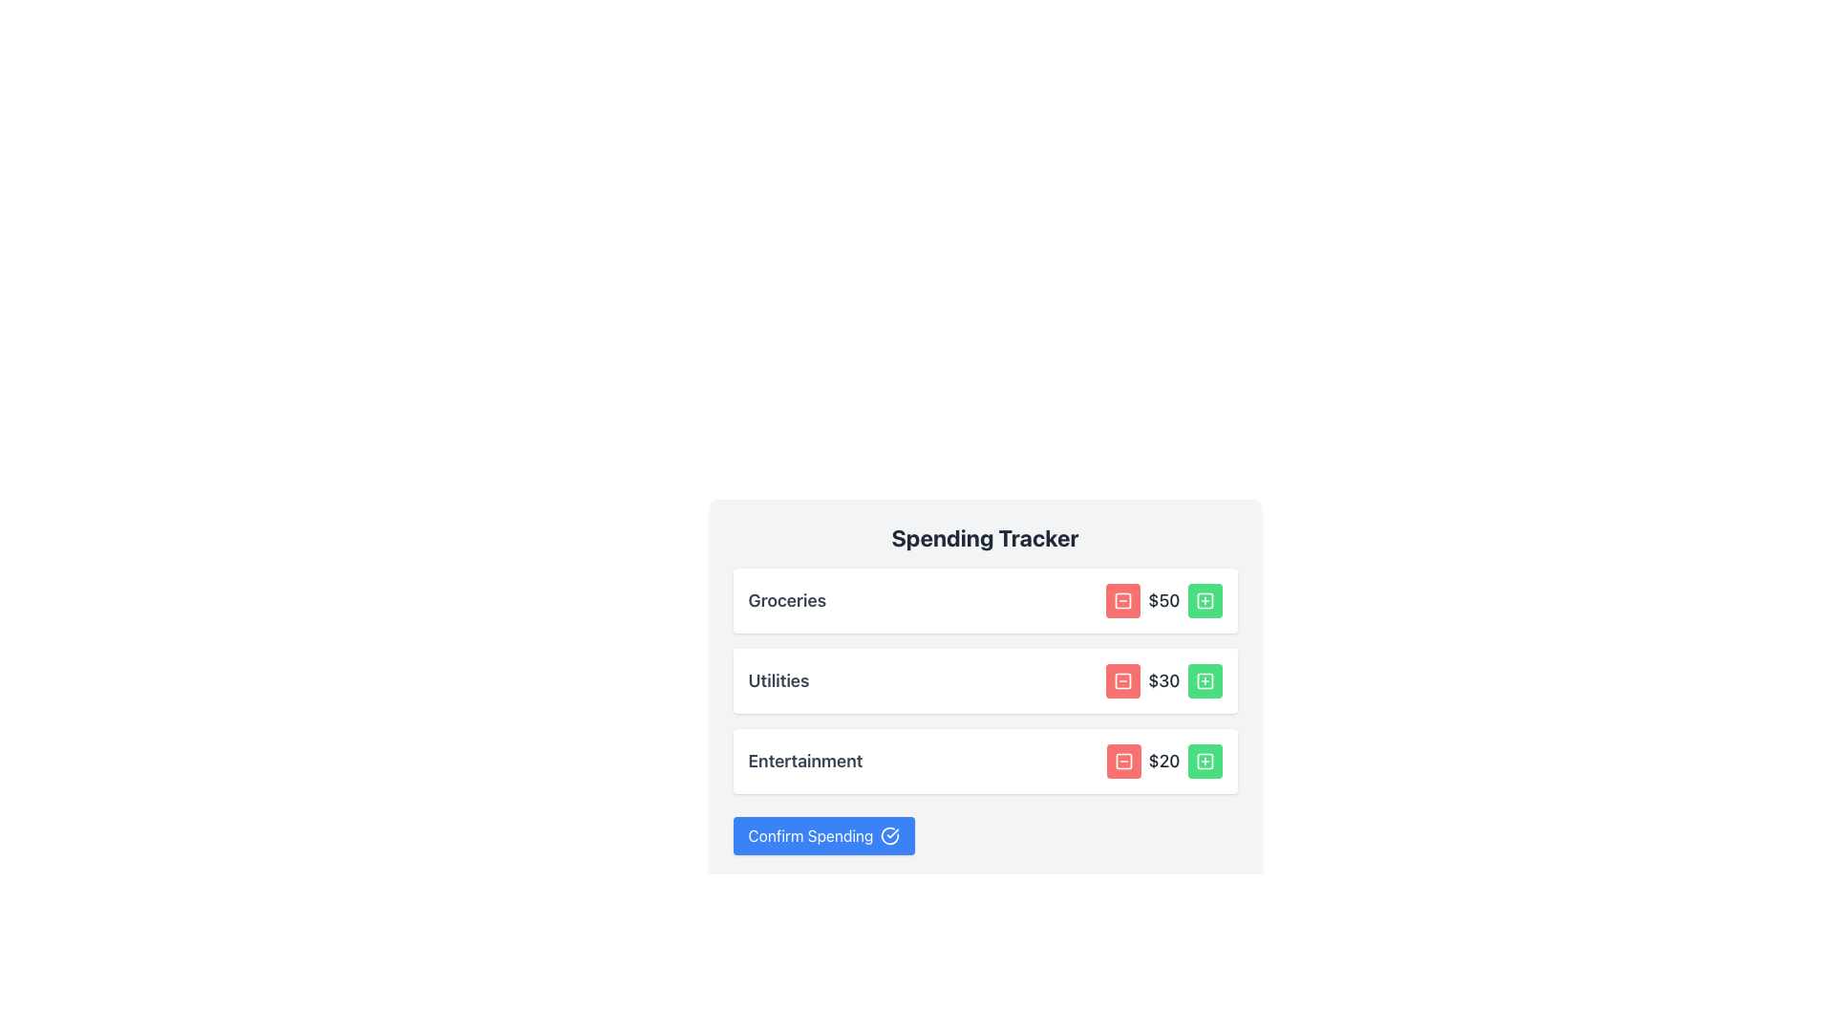  What do you see at coordinates (1163, 761) in the screenshot?
I see `value displayed in the text label showing '$20', which is centrally located in the third row of the Spending Tracker, positioned to the right of the 'Entertainment' row label` at bounding box center [1163, 761].